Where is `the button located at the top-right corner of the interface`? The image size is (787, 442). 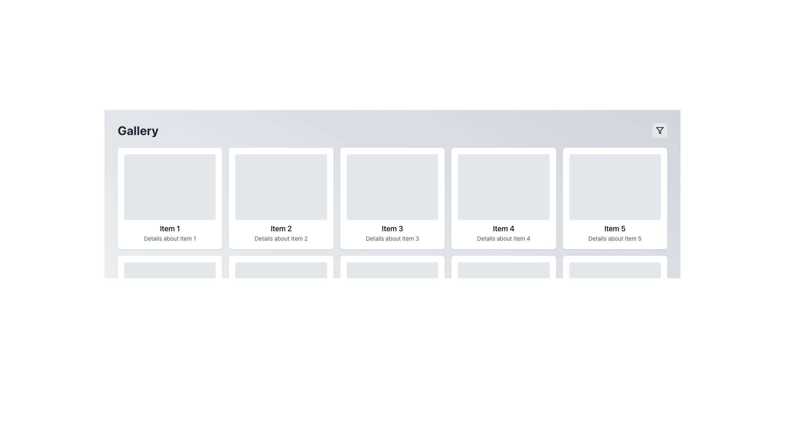
the button located at the top-right corner of the interface is located at coordinates (660, 130).